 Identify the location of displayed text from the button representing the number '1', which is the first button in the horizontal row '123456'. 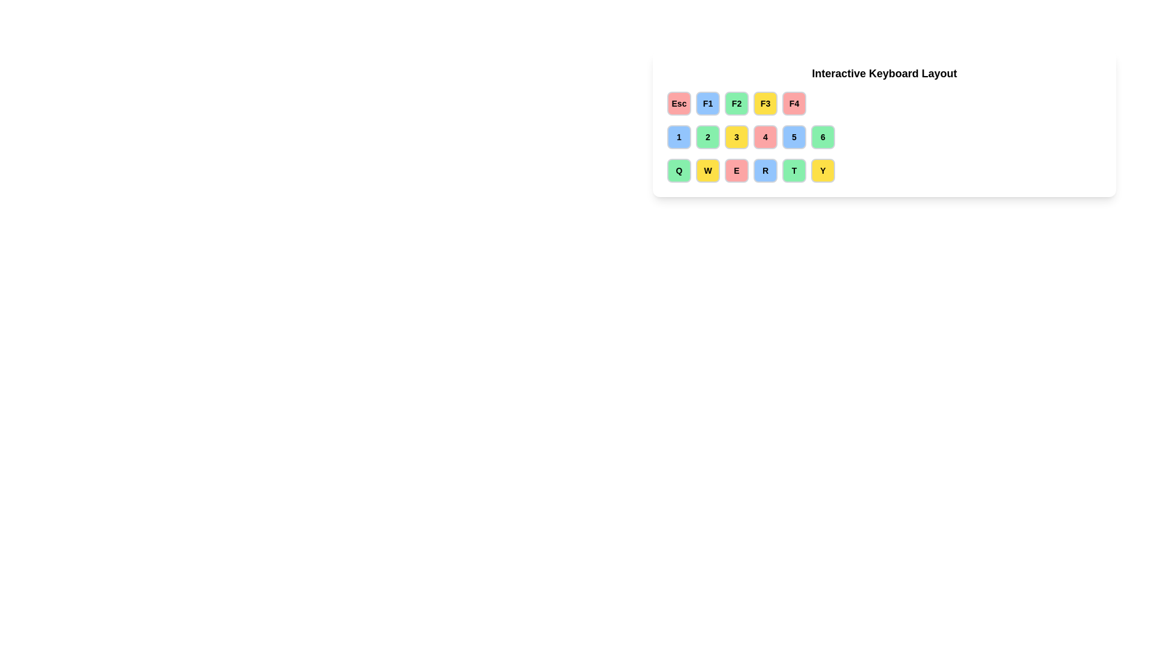
(679, 136).